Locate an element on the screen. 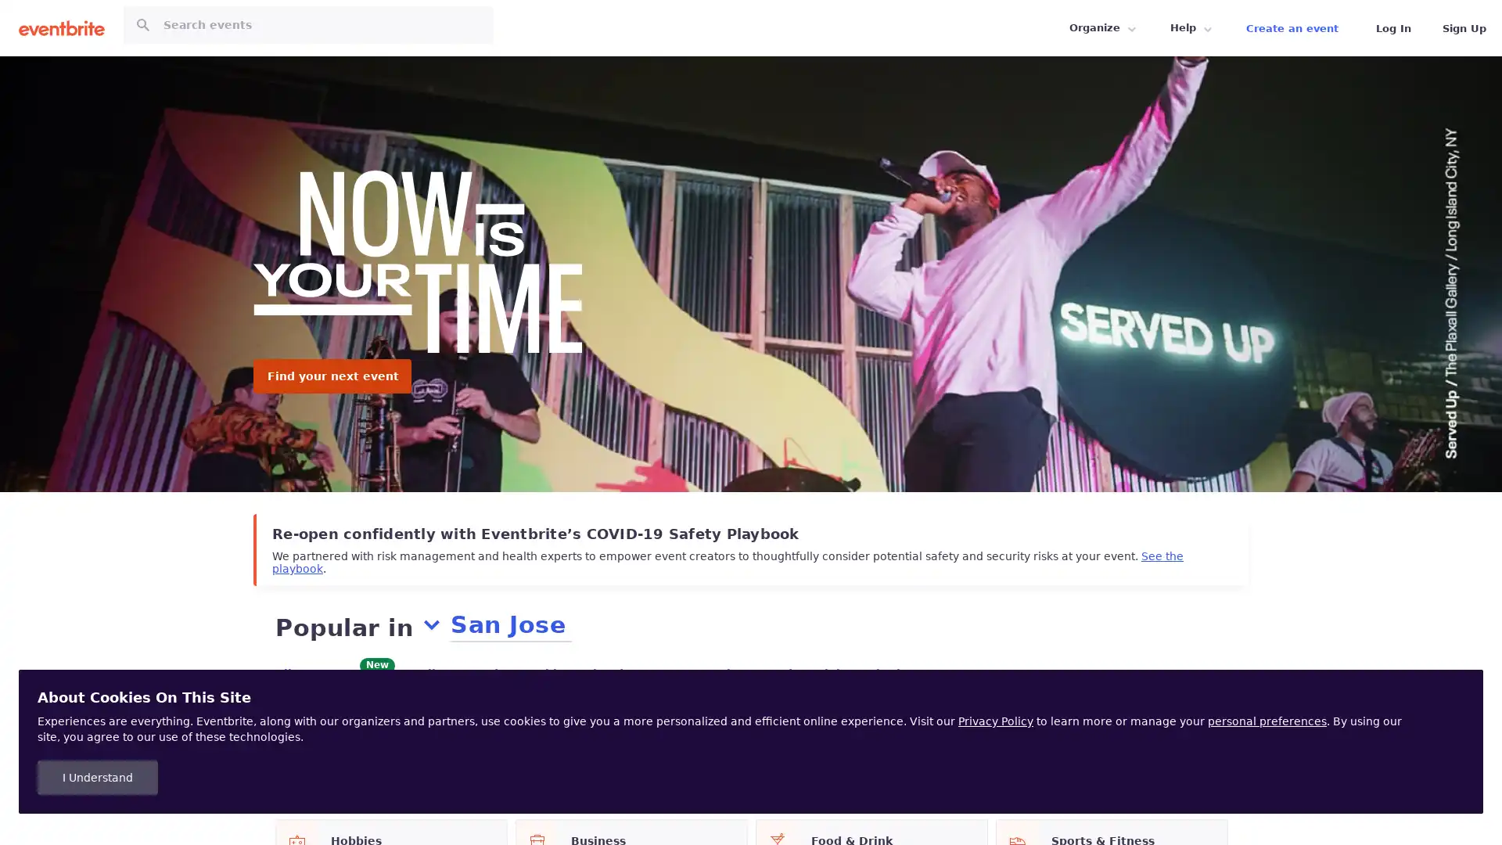 This screenshot has height=845, width=1502. Online is located at coordinates (431, 672).